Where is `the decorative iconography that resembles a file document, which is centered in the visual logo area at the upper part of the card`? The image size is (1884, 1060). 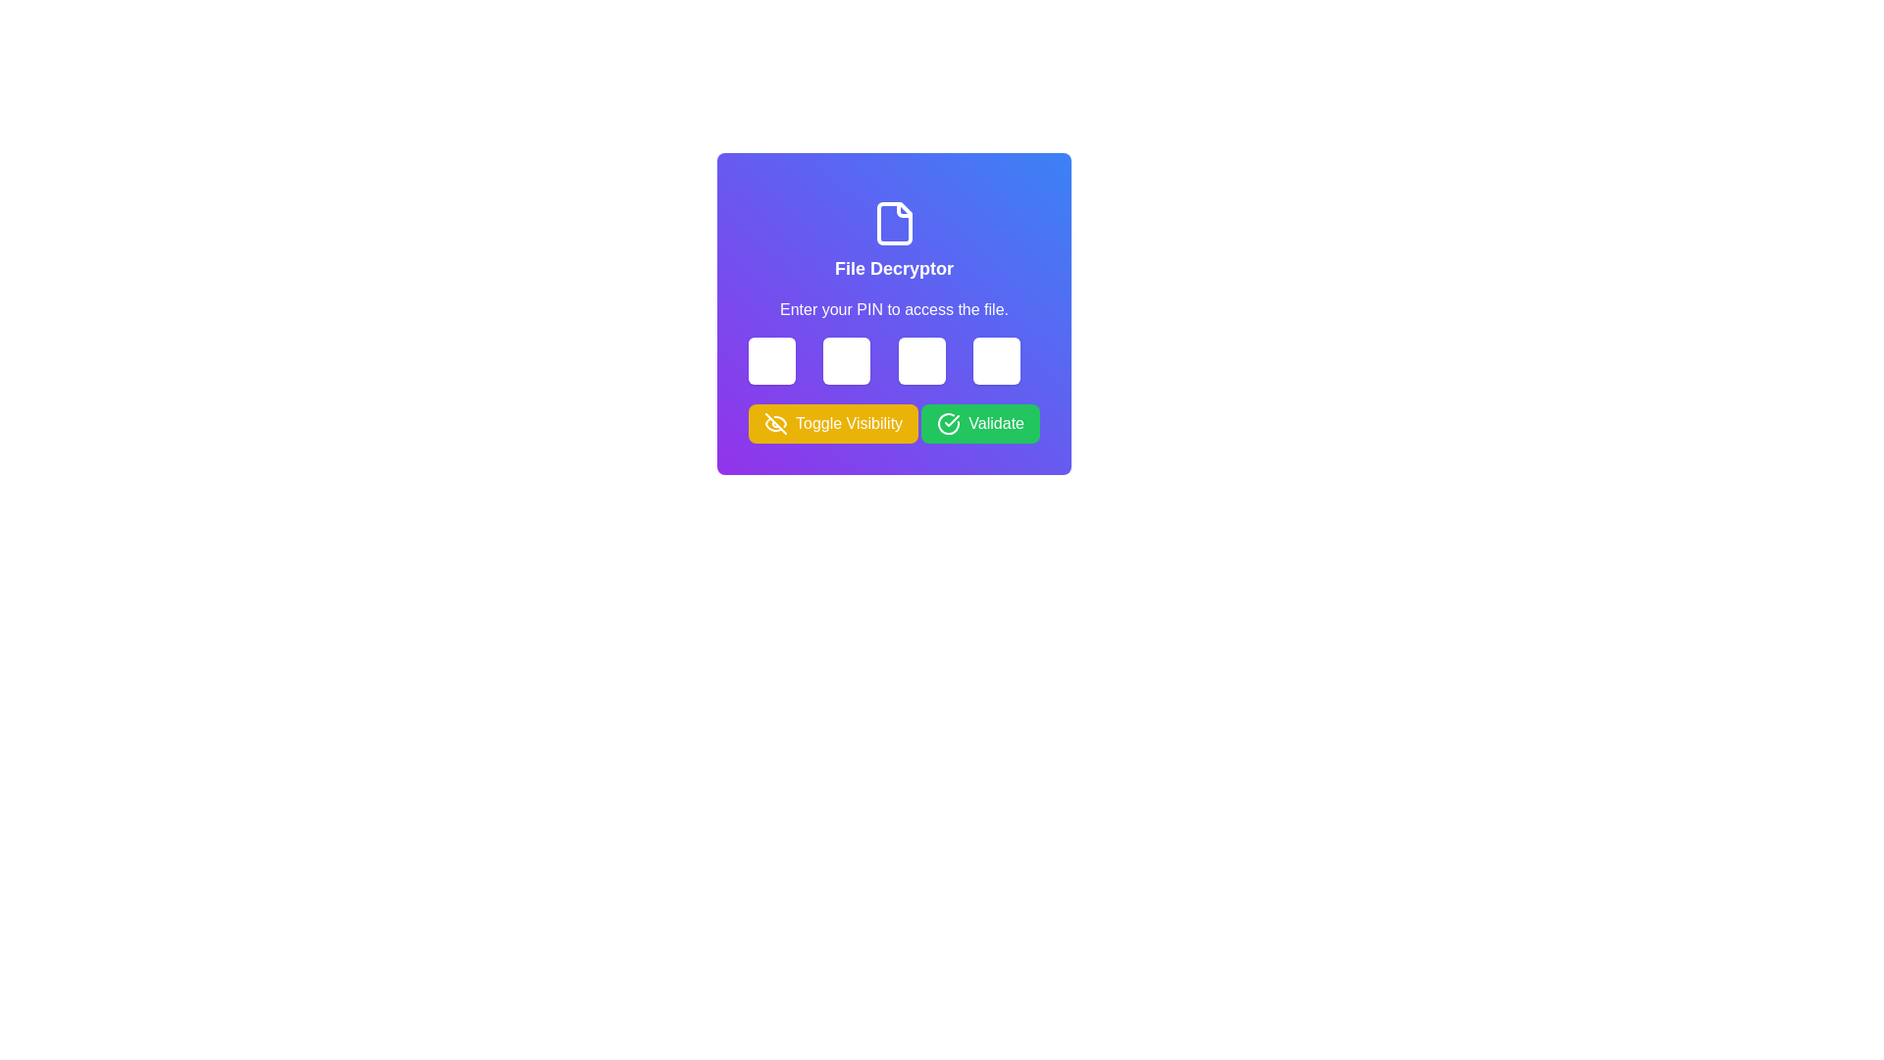 the decorative iconography that resembles a file document, which is centered in the visual logo area at the upper part of the card is located at coordinates (893, 222).